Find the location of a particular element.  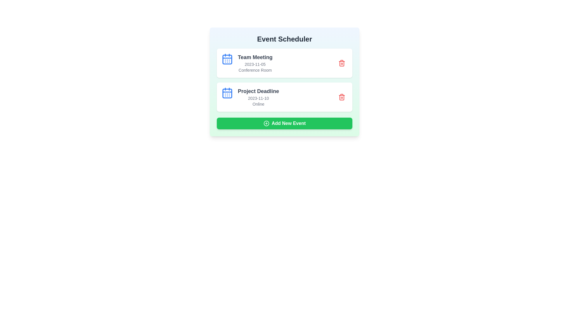

delete icon next to the event named Project Deadline to remove it is located at coordinates (342, 97).